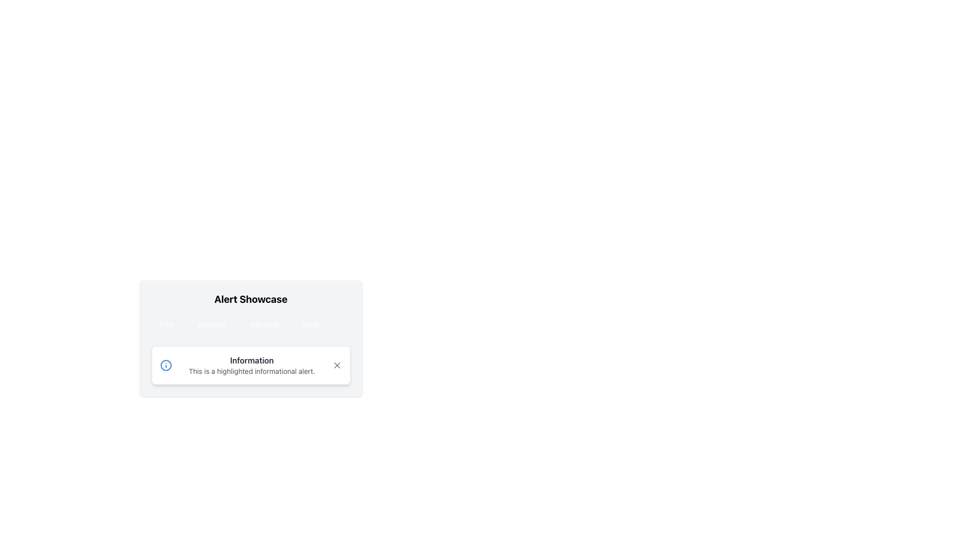 Image resolution: width=955 pixels, height=537 pixels. Describe the element at coordinates (251, 365) in the screenshot. I see `informational content from the alert display titled 'Information', which contains the description 'This is a highlighted informational alert.'` at that location.